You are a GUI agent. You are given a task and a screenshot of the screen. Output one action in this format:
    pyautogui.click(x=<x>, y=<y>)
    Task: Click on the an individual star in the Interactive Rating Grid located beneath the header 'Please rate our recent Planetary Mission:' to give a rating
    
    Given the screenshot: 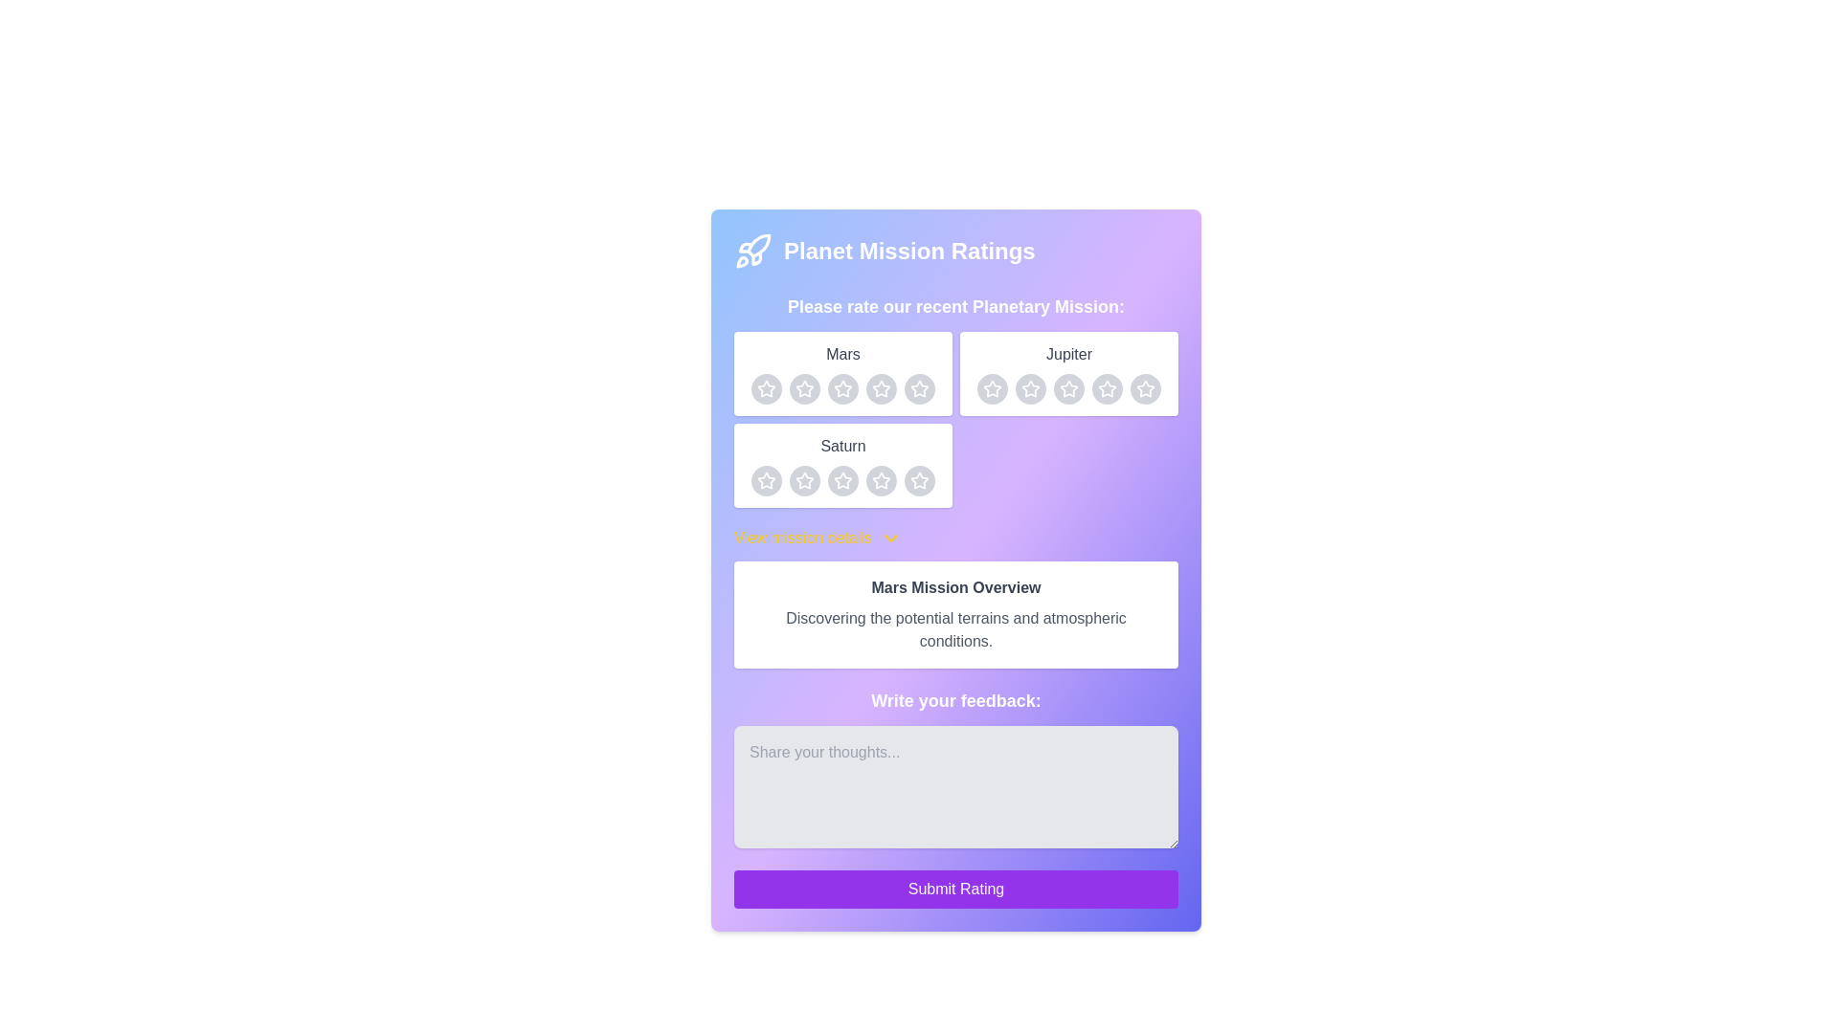 What is the action you would take?
    pyautogui.click(x=955, y=419)
    